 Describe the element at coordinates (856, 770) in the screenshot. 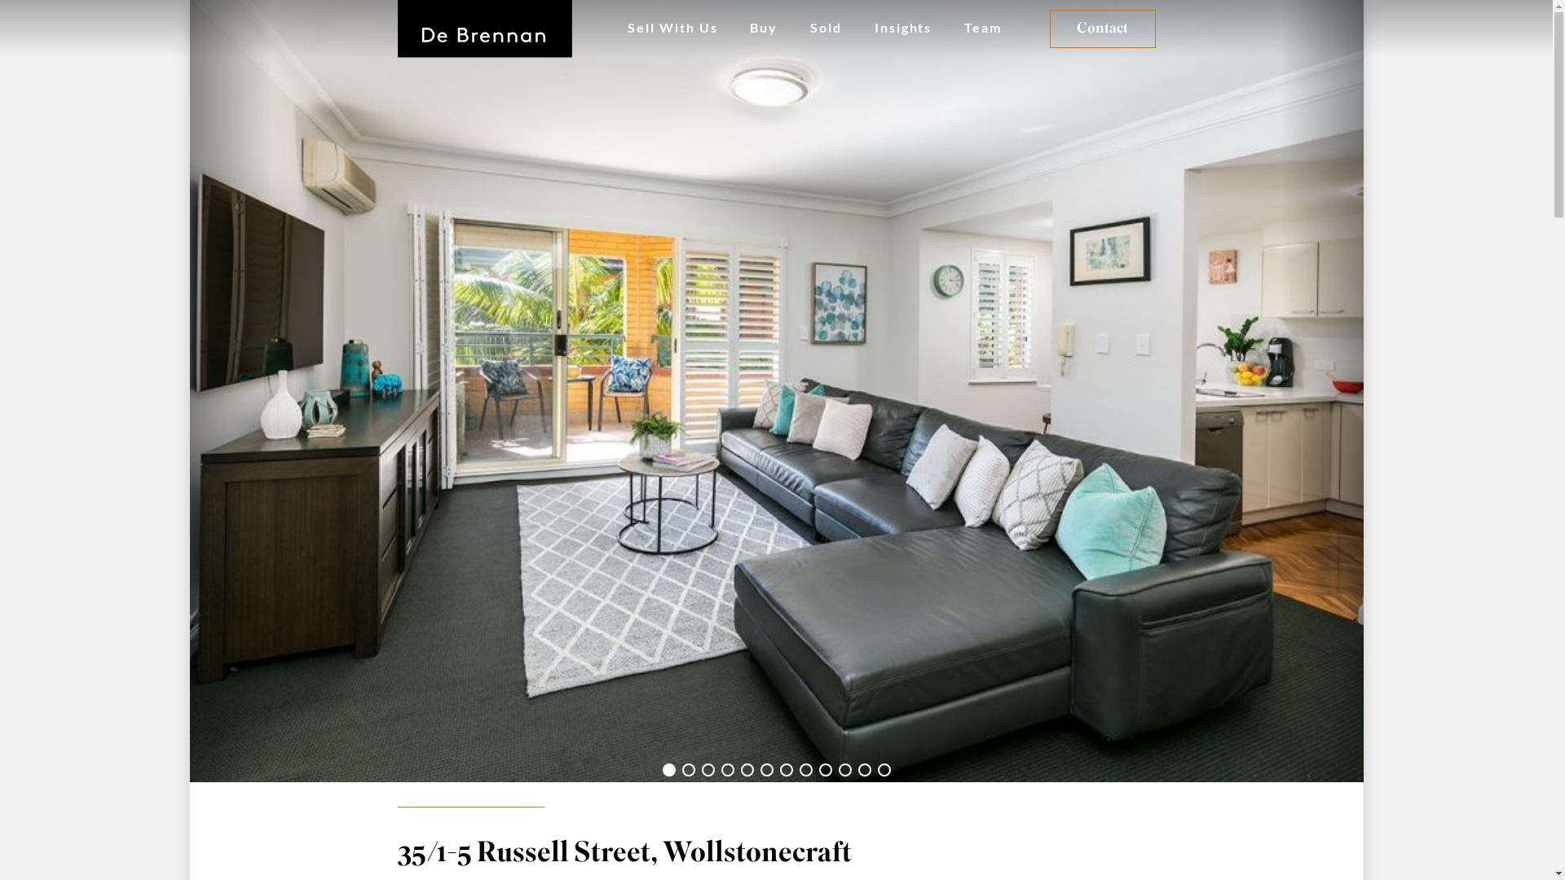

I see `'11'` at that location.